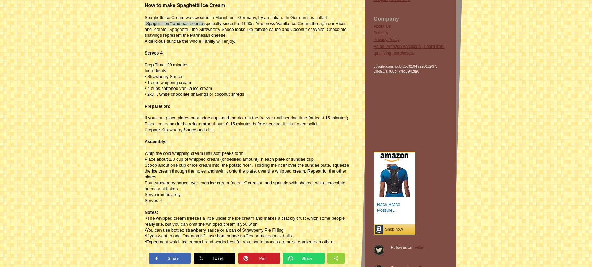 The height and width of the screenshot is (267, 592). Describe the element at coordinates (174, 23) in the screenshot. I see `'"Spaghettieis" and has been a'` at that location.